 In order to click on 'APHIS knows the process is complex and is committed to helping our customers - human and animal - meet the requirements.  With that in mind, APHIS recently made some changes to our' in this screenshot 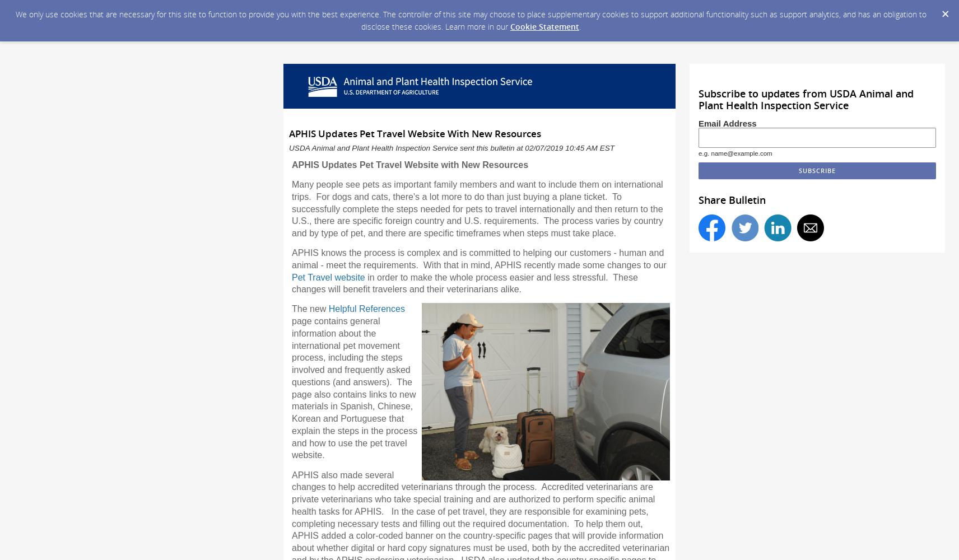, I will do `click(478, 258)`.